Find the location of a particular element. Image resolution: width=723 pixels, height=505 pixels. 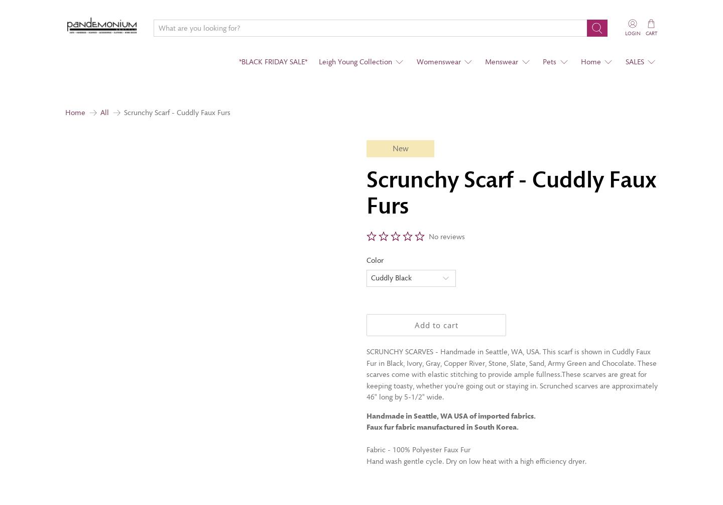

'*BLACK FRIDAY SALE*' is located at coordinates (273, 61).